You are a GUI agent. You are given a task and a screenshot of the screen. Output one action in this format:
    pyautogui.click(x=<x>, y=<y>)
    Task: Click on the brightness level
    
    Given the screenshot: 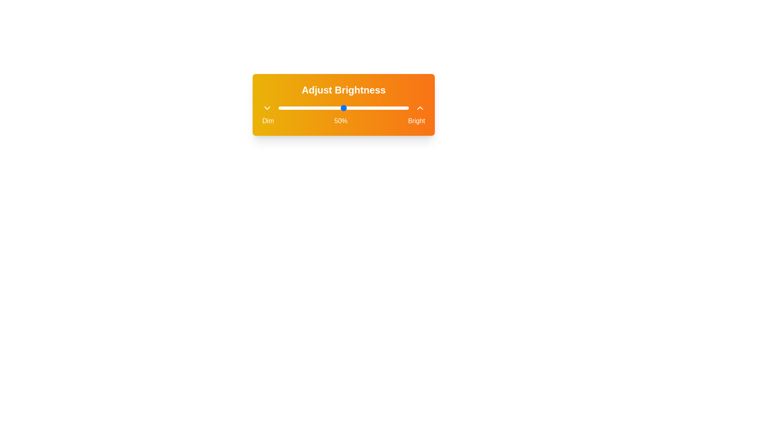 What is the action you would take?
    pyautogui.click(x=380, y=108)
    